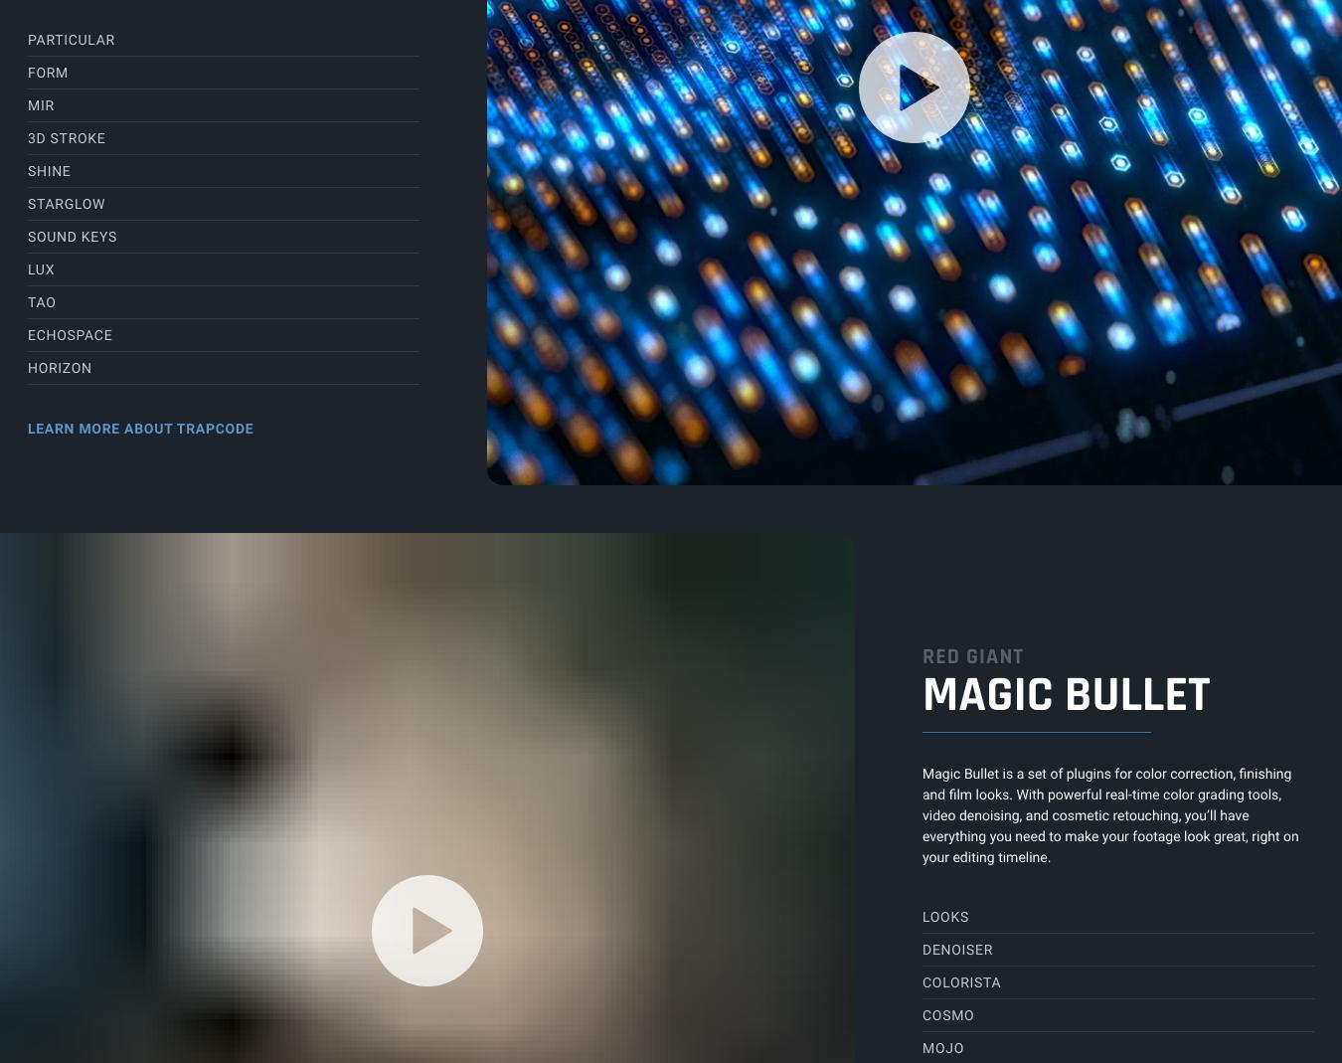  Describe the element at coordinates (47, 72) in the screenshot. I see `'Form'` at that location.